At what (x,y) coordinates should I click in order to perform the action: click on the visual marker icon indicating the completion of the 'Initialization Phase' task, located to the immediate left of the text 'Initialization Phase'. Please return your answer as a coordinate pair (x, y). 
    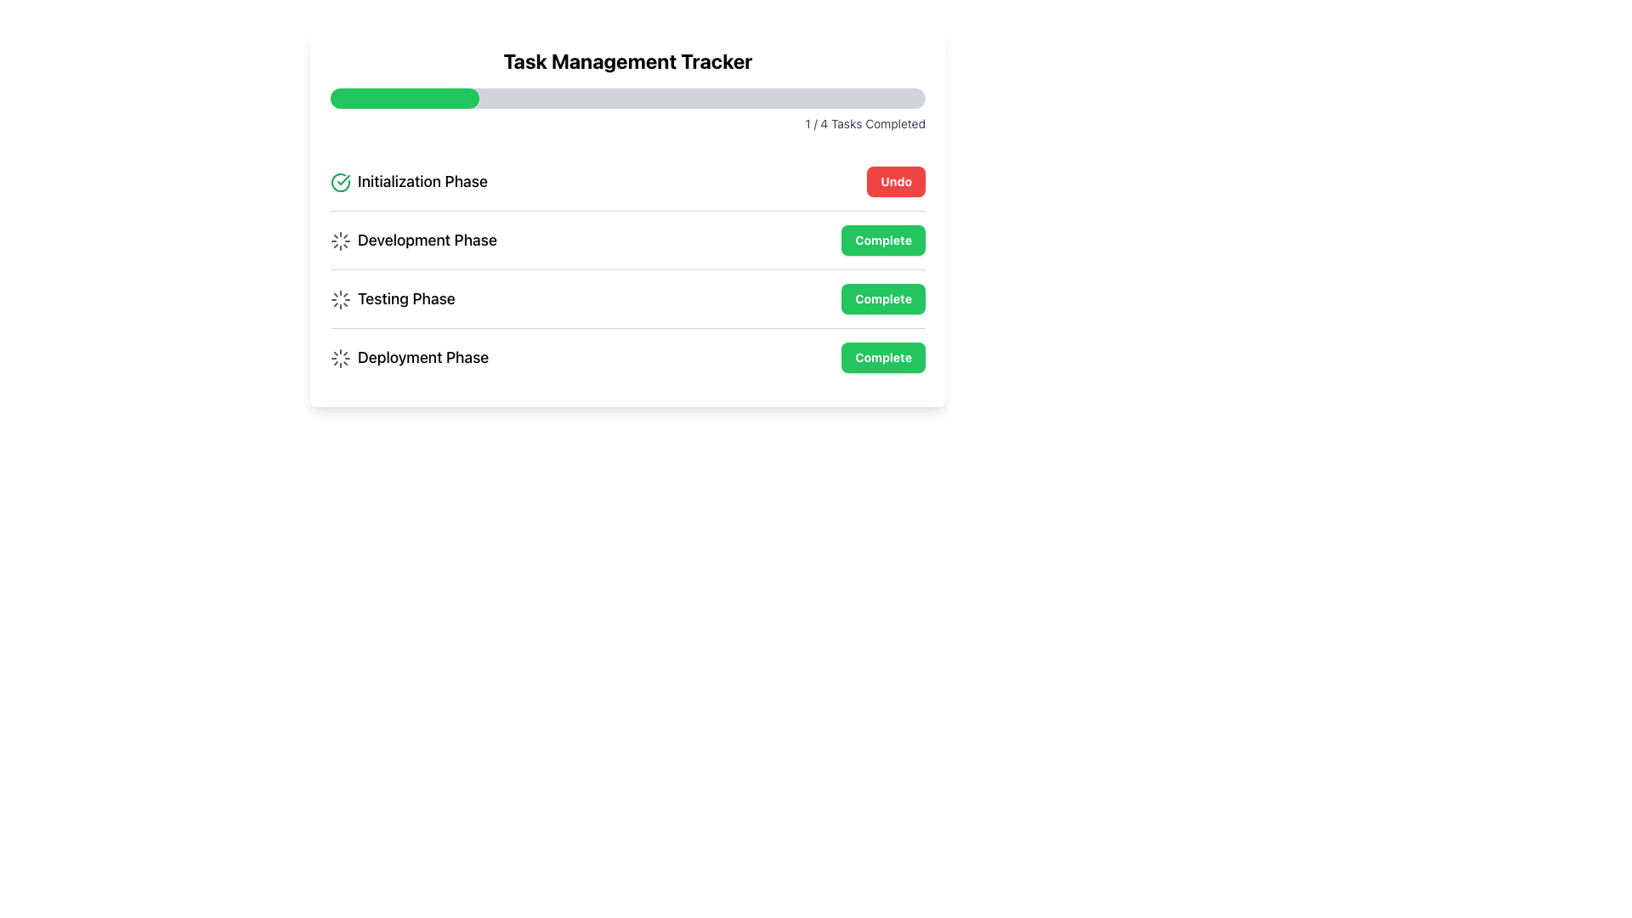
    Looking at the image, I should click on (340, 183).